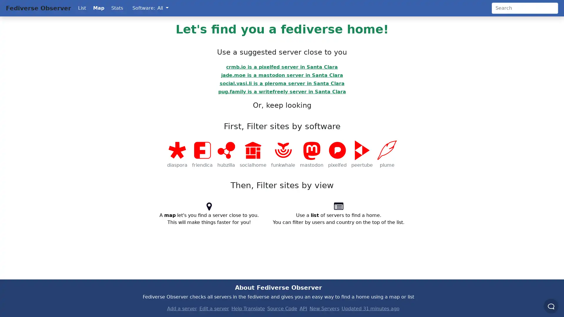 Image resolution: width=564 pixels, height=317 pixels. Describe the element at coordinates (163, 8) in the screenshot. I see `All` at that location.